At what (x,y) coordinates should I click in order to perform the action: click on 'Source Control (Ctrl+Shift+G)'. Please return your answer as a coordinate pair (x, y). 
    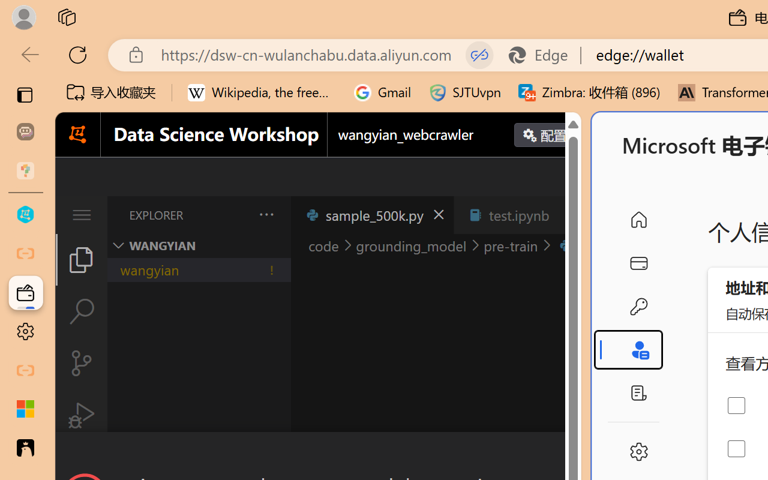
    Looking at the image, I should click on (80, 363).